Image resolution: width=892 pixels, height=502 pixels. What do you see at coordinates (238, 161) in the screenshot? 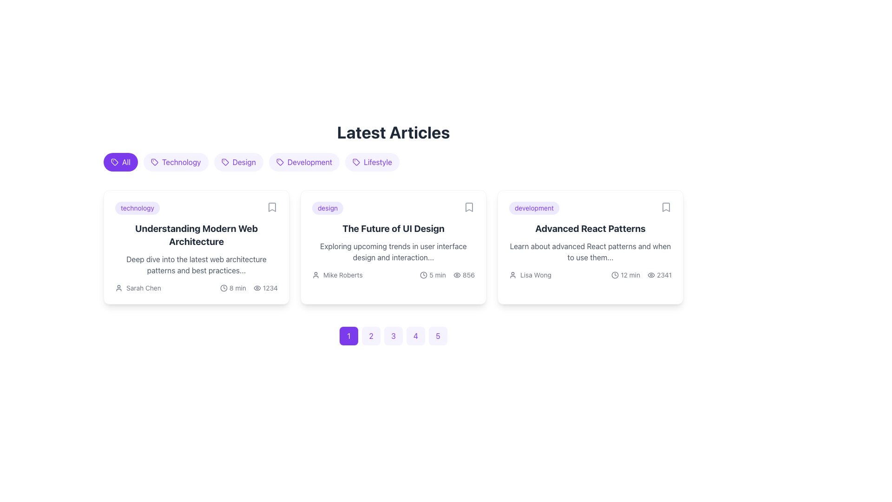
I see `the pill-shaped button labeled 'Design' in violet text to observe its hover effect` at bounding box center [238, 161].